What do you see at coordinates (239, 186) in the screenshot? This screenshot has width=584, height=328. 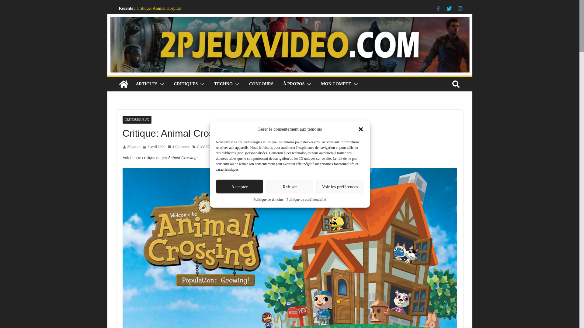 I see `'Accepter'` at bounding box center [239, 186].